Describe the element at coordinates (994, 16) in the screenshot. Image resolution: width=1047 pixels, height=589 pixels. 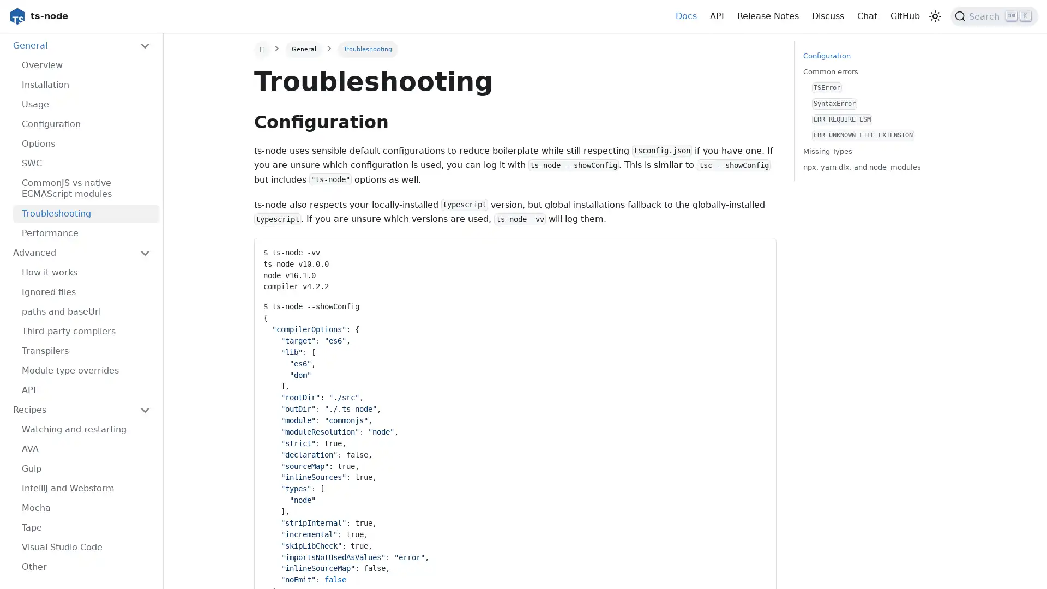
I see `Search` at that location.